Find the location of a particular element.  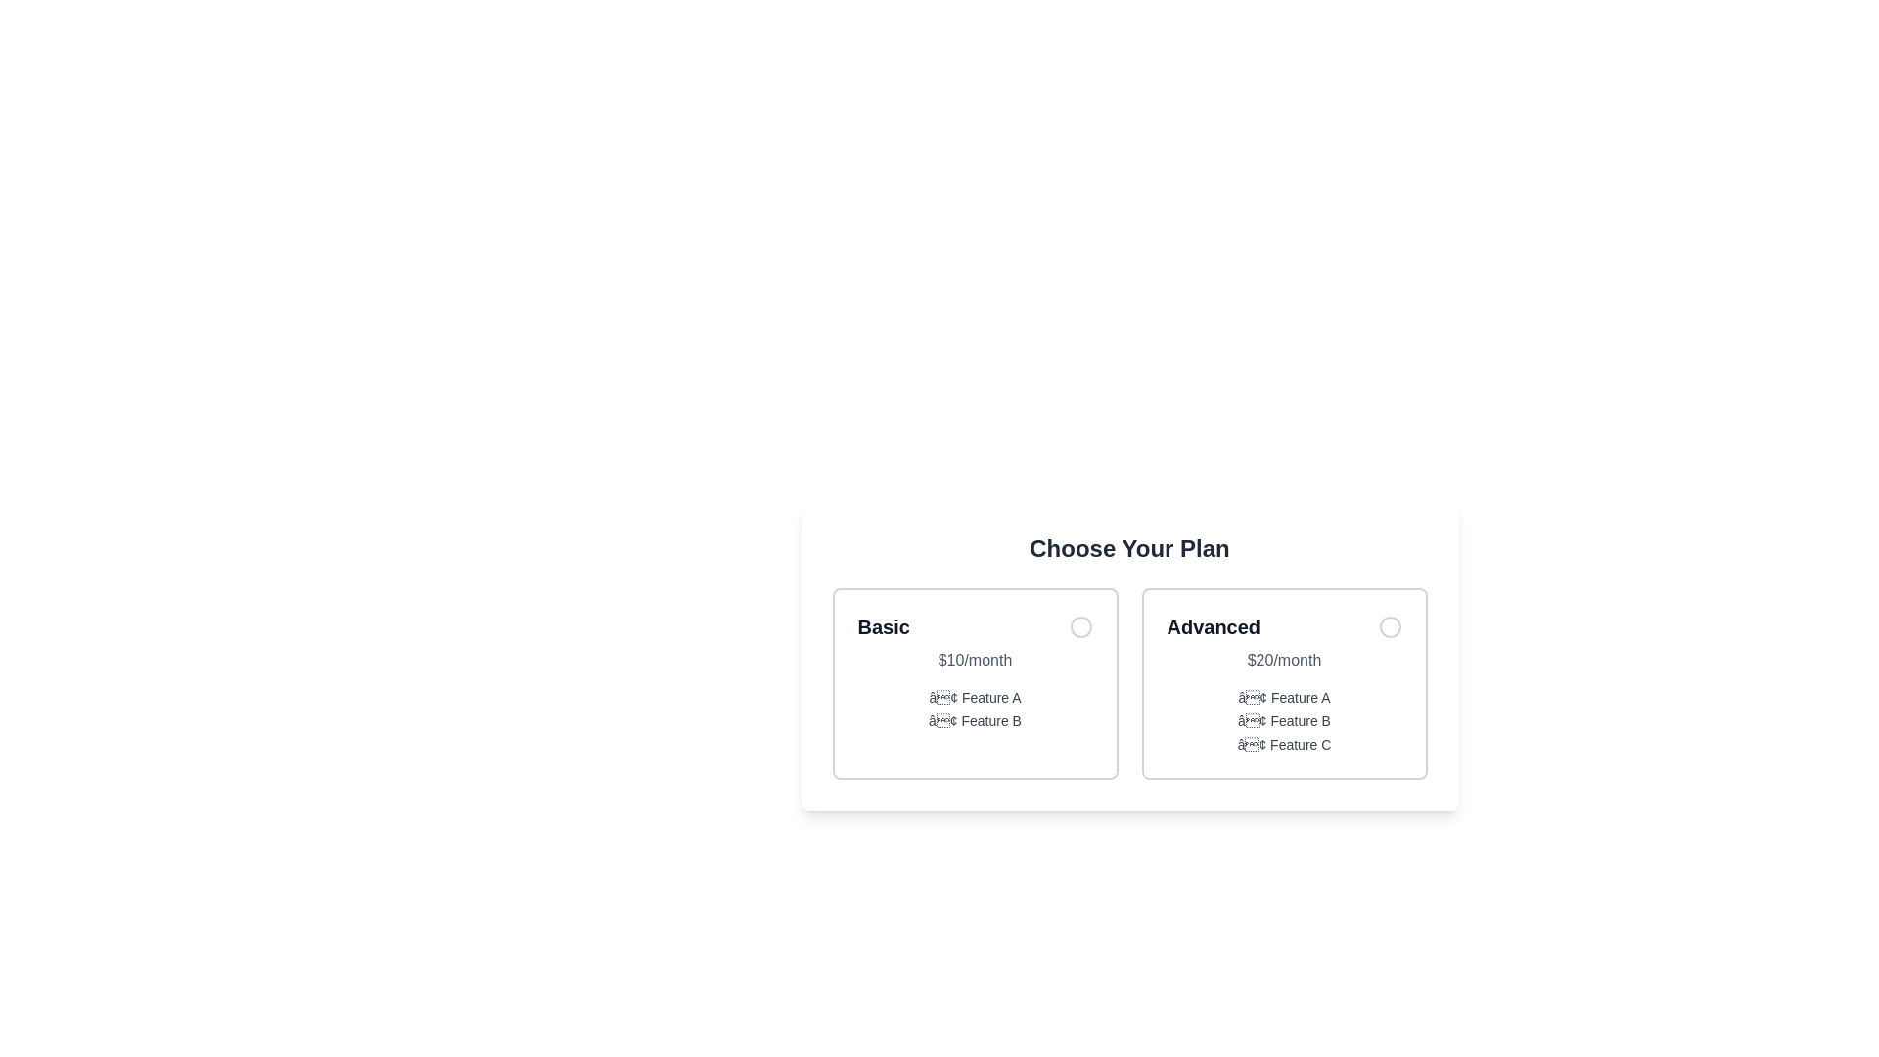

the text describing a feature associated with the 'Advanced' plan, which is the second item in the list of features under the 'Advanced' plan section is located at coordinates (1284, 720).